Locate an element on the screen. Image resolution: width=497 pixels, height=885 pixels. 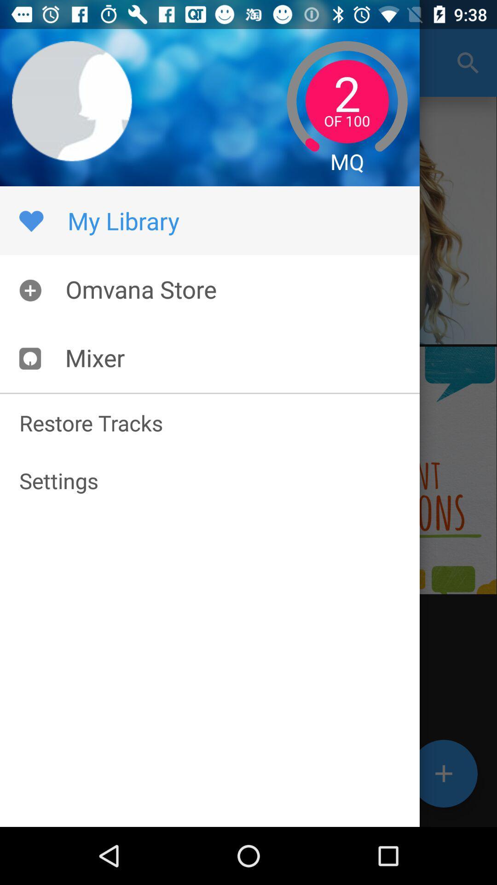
the add icon is located at coordinates (443, 773).